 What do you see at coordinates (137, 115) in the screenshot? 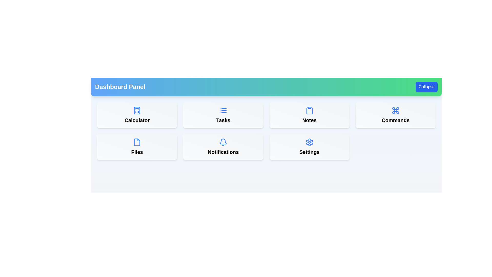
I see `the menu item labeled Calculator` at bounding box center [137, 115].